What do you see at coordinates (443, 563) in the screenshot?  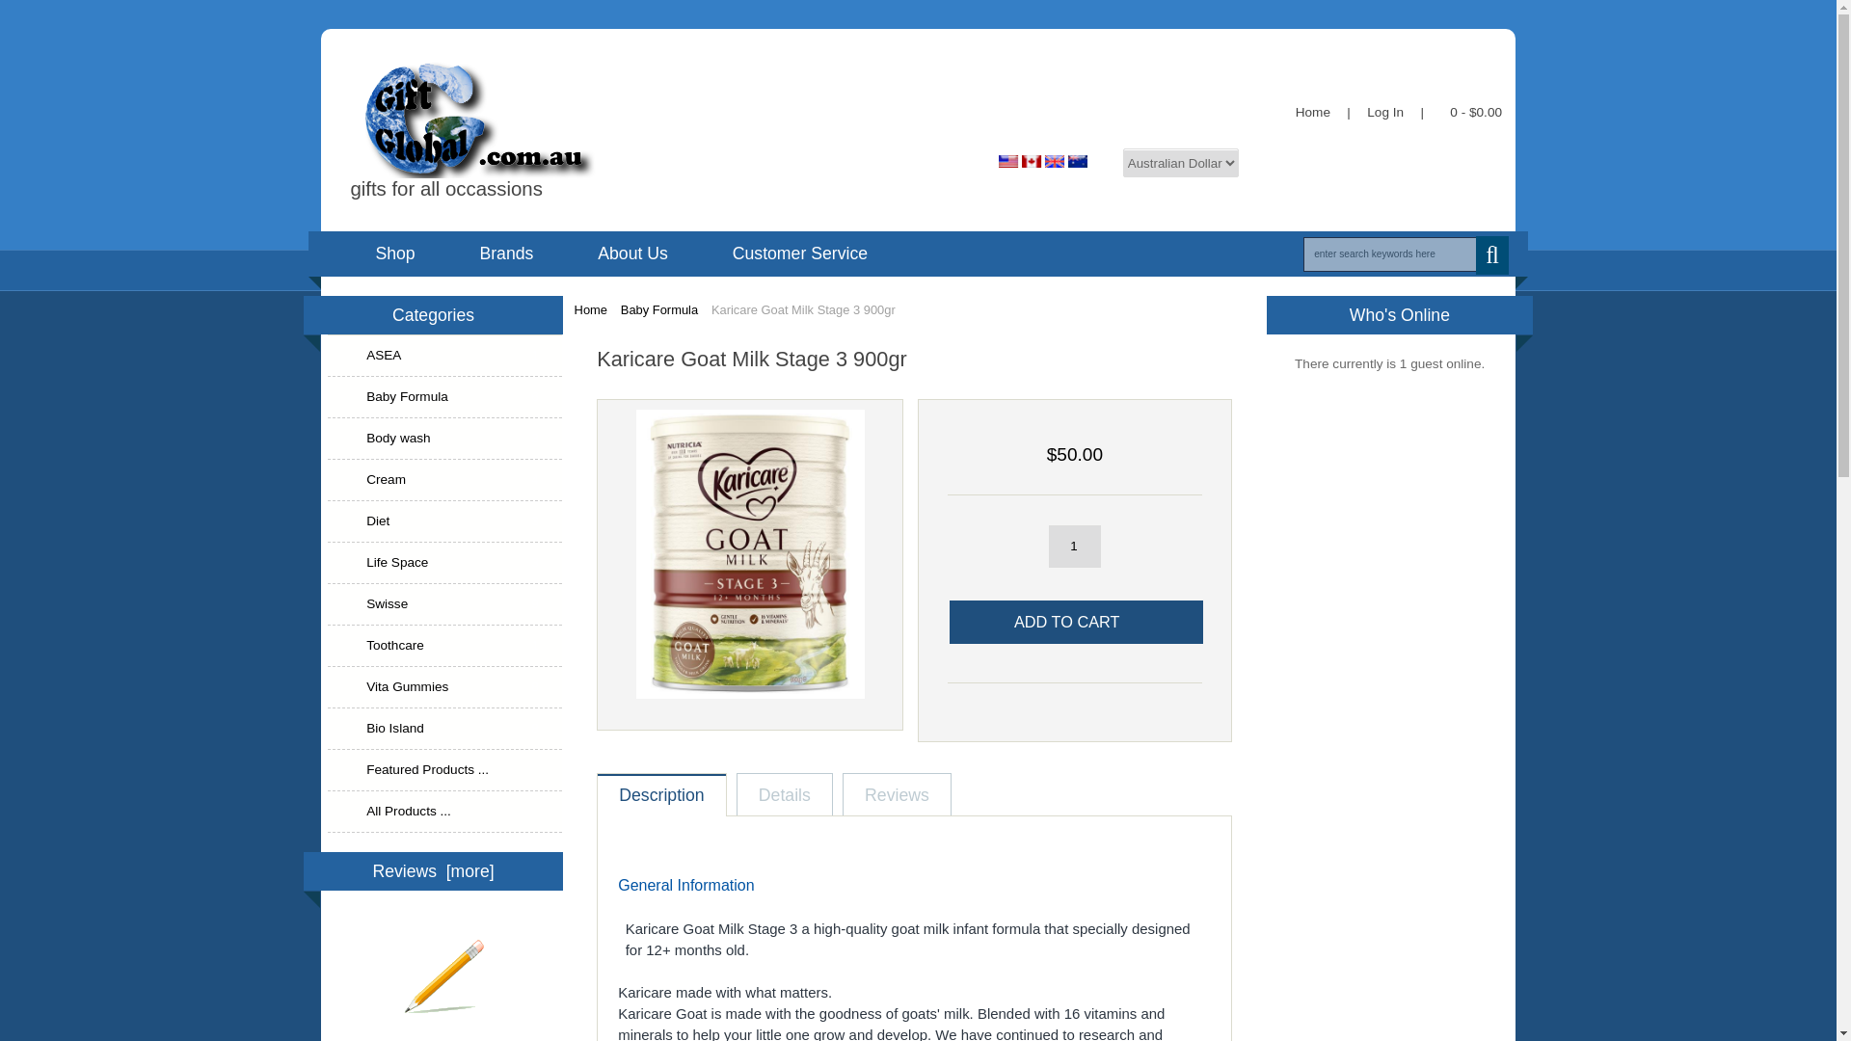 I see `'Life Space` at bounding box center [443, 563].